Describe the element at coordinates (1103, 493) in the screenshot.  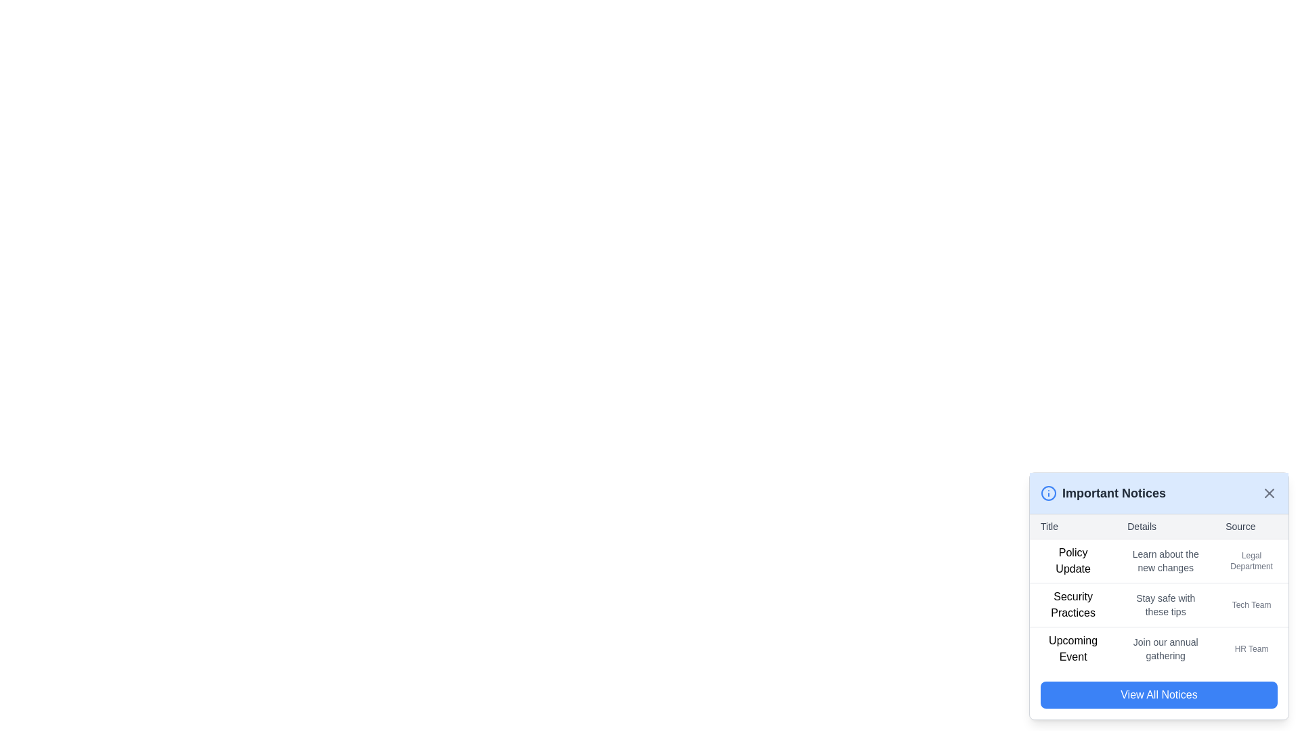
I see `the 'Important Notices' label and icon group` at that location.